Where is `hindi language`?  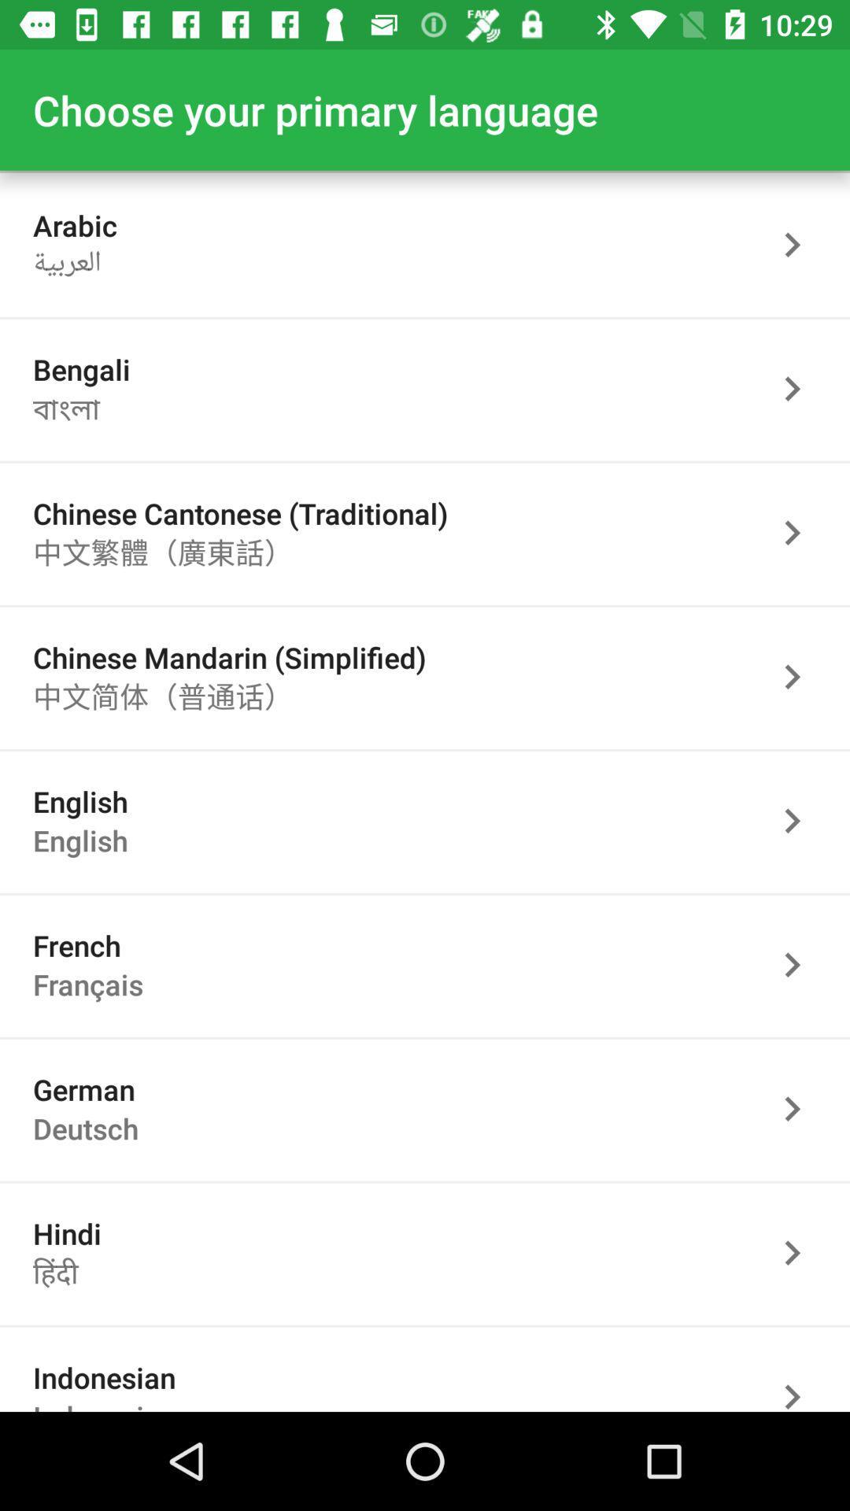 hindi language is located at coordinates (800, 1252).